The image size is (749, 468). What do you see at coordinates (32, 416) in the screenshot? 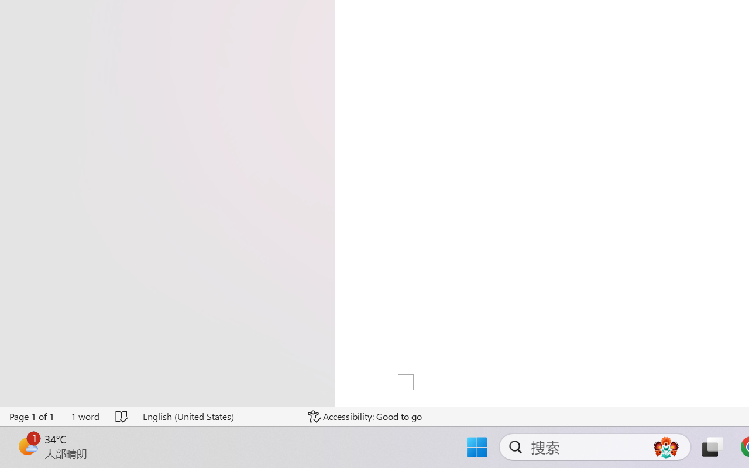
I see `'Page Number Page 1 of 1'` at bounding box center [32, 416].